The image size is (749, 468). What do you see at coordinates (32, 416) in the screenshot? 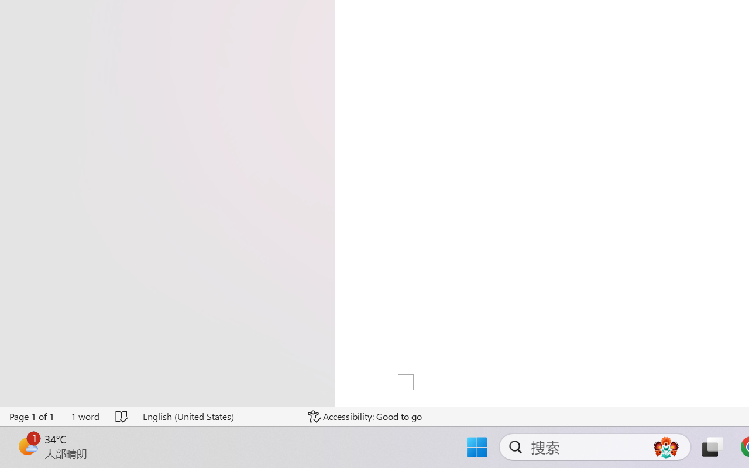
I see `'Page Number Page 1 of 1'` at bounding box center [32, 416].